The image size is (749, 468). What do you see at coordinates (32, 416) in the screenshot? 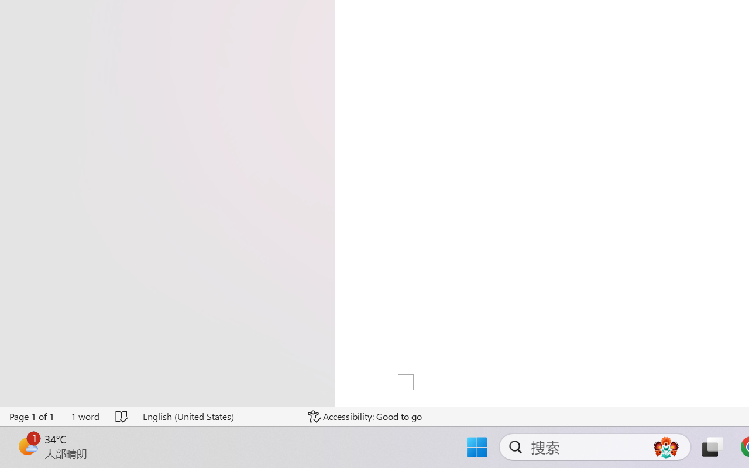
I see `'Page Number Page 1 of 1'` at bounding box center [32, 416].